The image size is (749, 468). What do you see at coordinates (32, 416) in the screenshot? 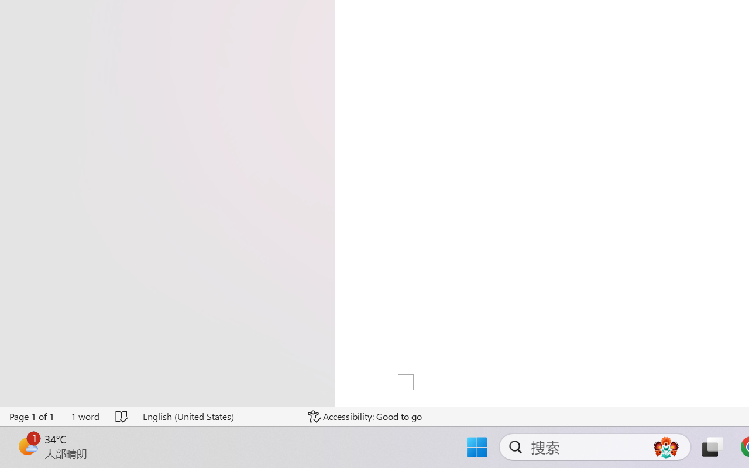
I see `'Page Number Page 1 of 1'` at bounding box center [32, 416].